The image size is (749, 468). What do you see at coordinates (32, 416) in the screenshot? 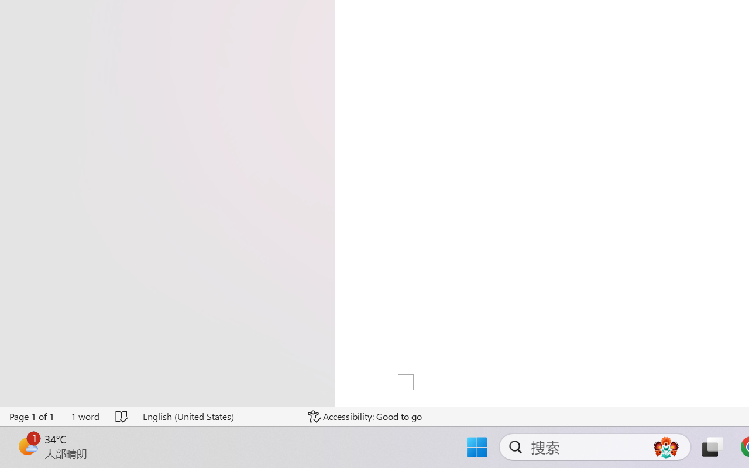
I see `'Page Number Page 1 of 1'` at bounding box center [32, 416].